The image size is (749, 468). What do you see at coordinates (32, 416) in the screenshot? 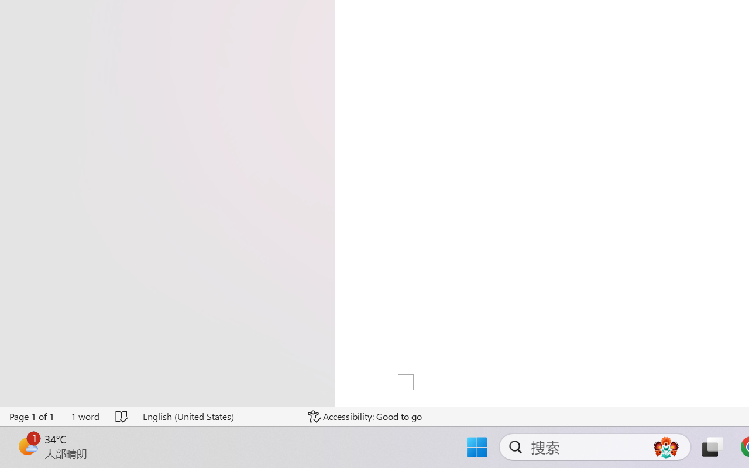
I see `'Page Number Page 1 of 1'` at bounding box center [32, 416].